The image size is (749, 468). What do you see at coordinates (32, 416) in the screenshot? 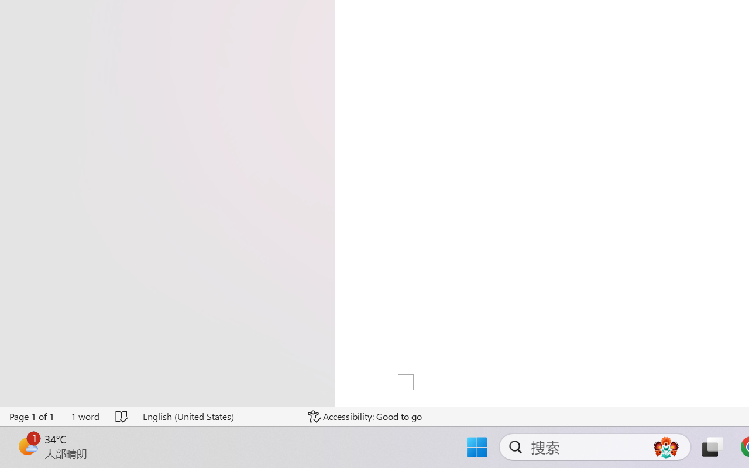
I see `'Page Number Page 1 of 1'` at bounding box center [32, 416].